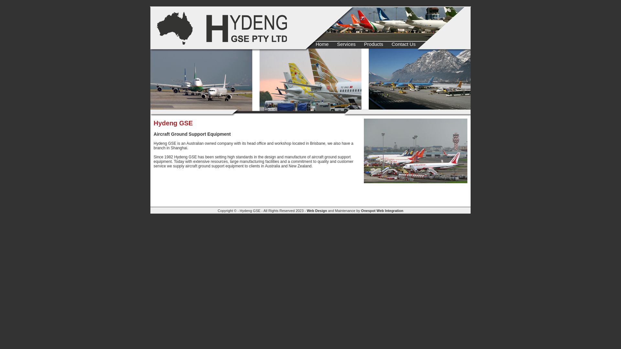 Image resolution: width=621 pixels, height=349 pixels. I want to click on 'Products', so click(363, 44).